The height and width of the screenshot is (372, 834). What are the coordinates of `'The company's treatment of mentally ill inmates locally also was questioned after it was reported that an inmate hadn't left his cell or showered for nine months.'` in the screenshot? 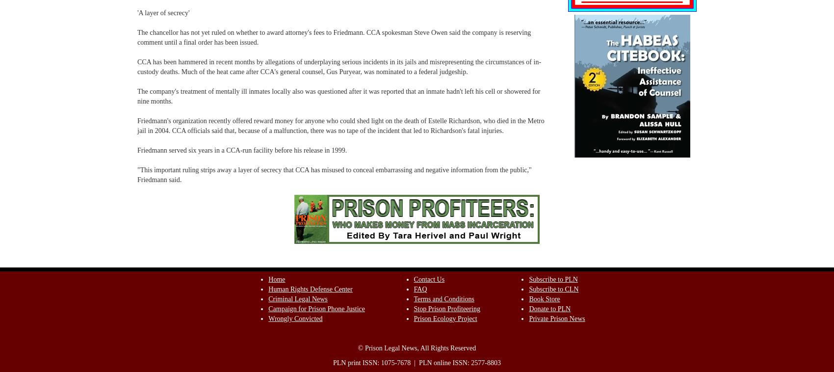 It's located at (339, 96).